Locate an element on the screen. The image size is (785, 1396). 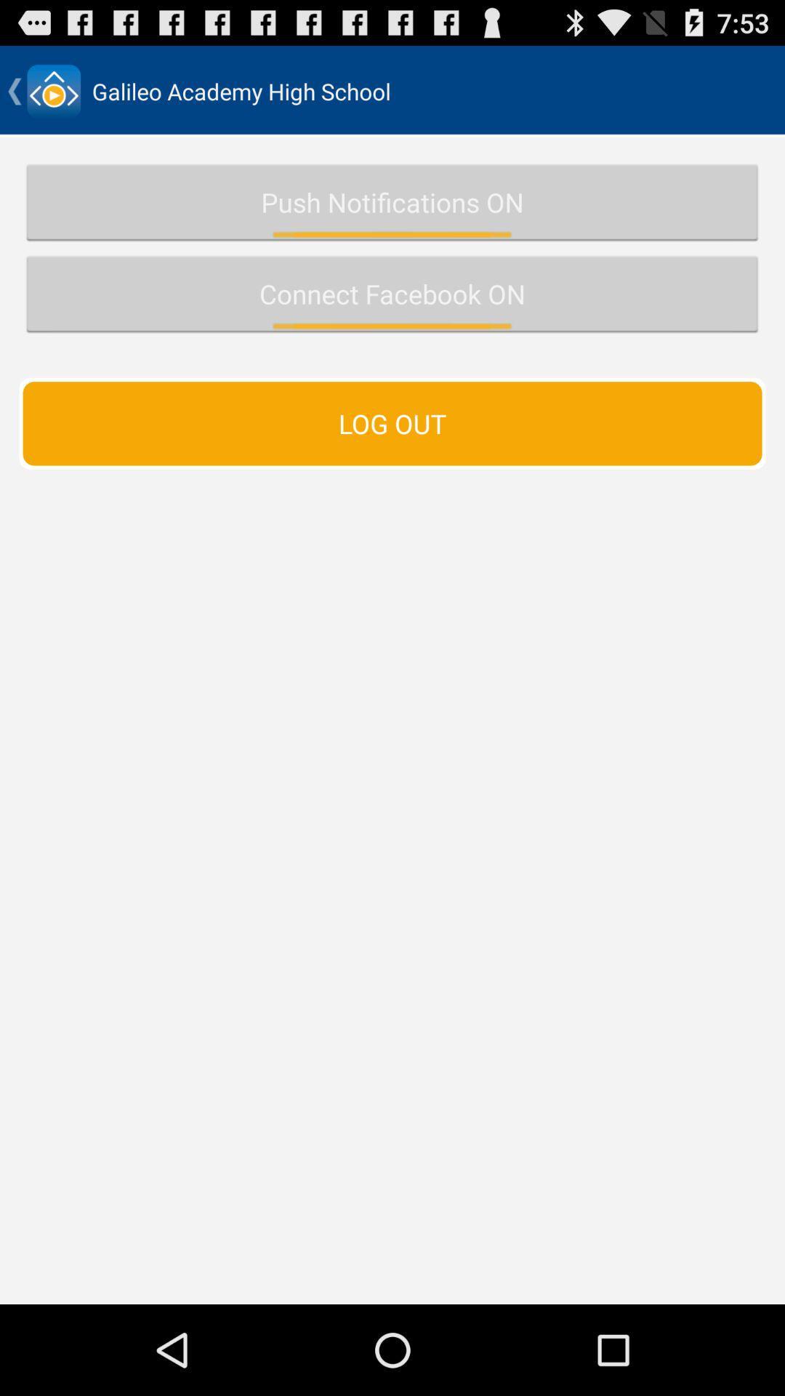
the log out icon is located at coordinates (392, 422).